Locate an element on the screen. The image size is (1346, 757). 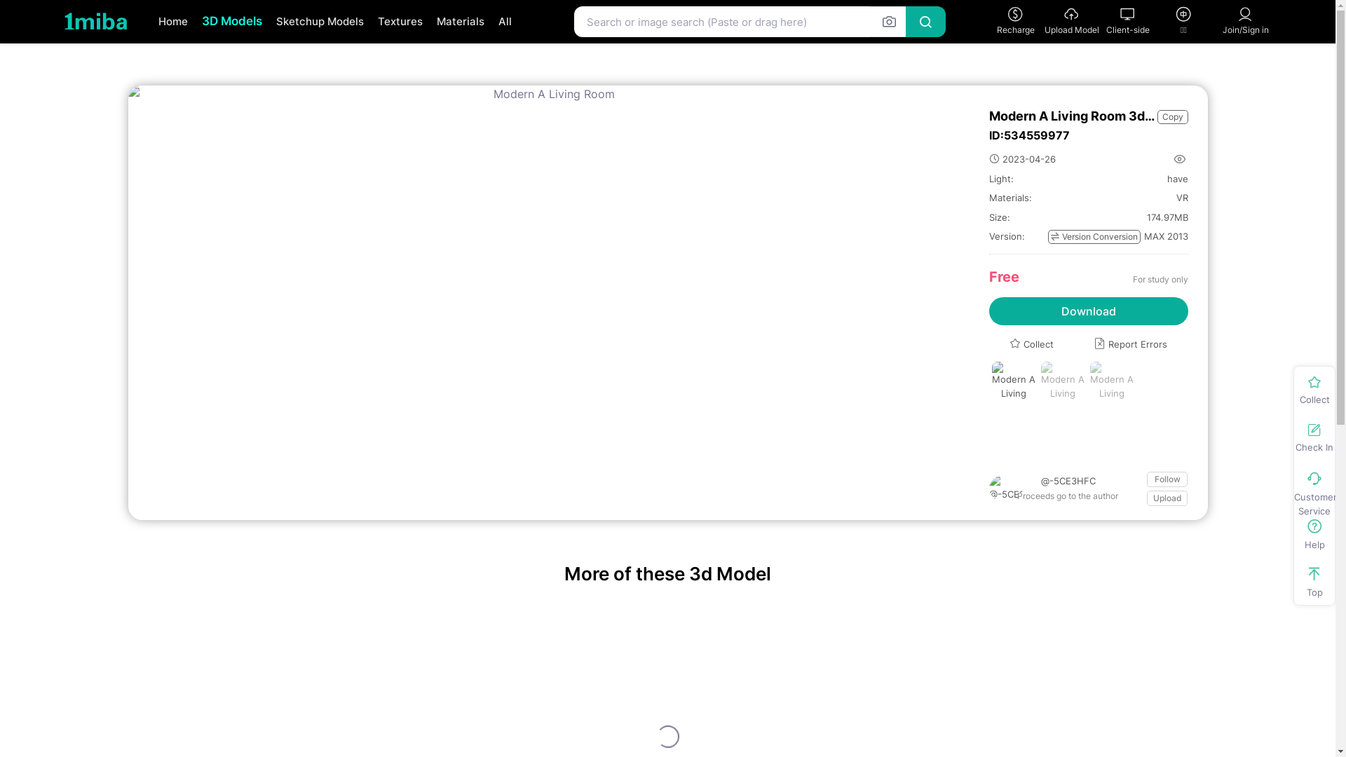
'Upload Model' is located at coordinates (1043, 21).